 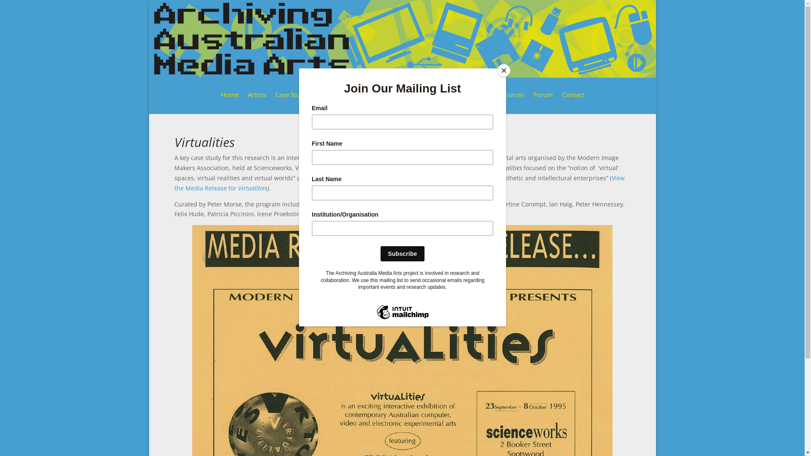 What do you see at coordinates (385, 100) in the screenshot?
I see `'Database'` at bounding box center [385, 100].